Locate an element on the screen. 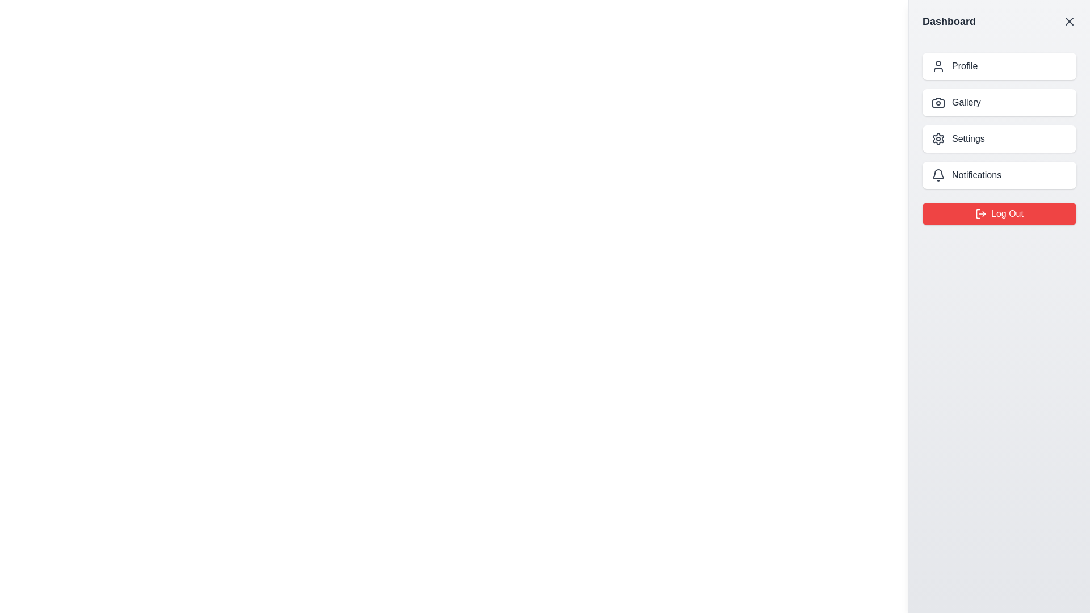 This screenshot has height=613, width=1090. the close button located at the top-right corner of the sidebar to provide visual feedback is located at coordinates (1068, 22).